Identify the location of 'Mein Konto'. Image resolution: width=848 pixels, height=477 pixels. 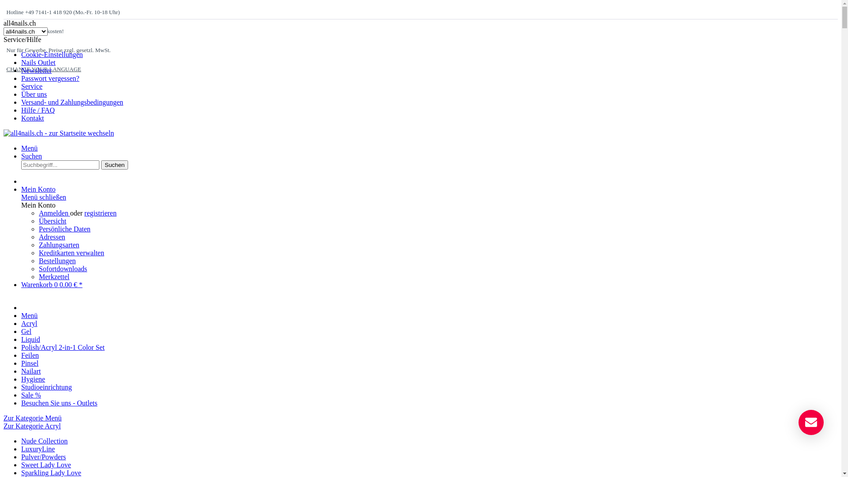
(38, 189).